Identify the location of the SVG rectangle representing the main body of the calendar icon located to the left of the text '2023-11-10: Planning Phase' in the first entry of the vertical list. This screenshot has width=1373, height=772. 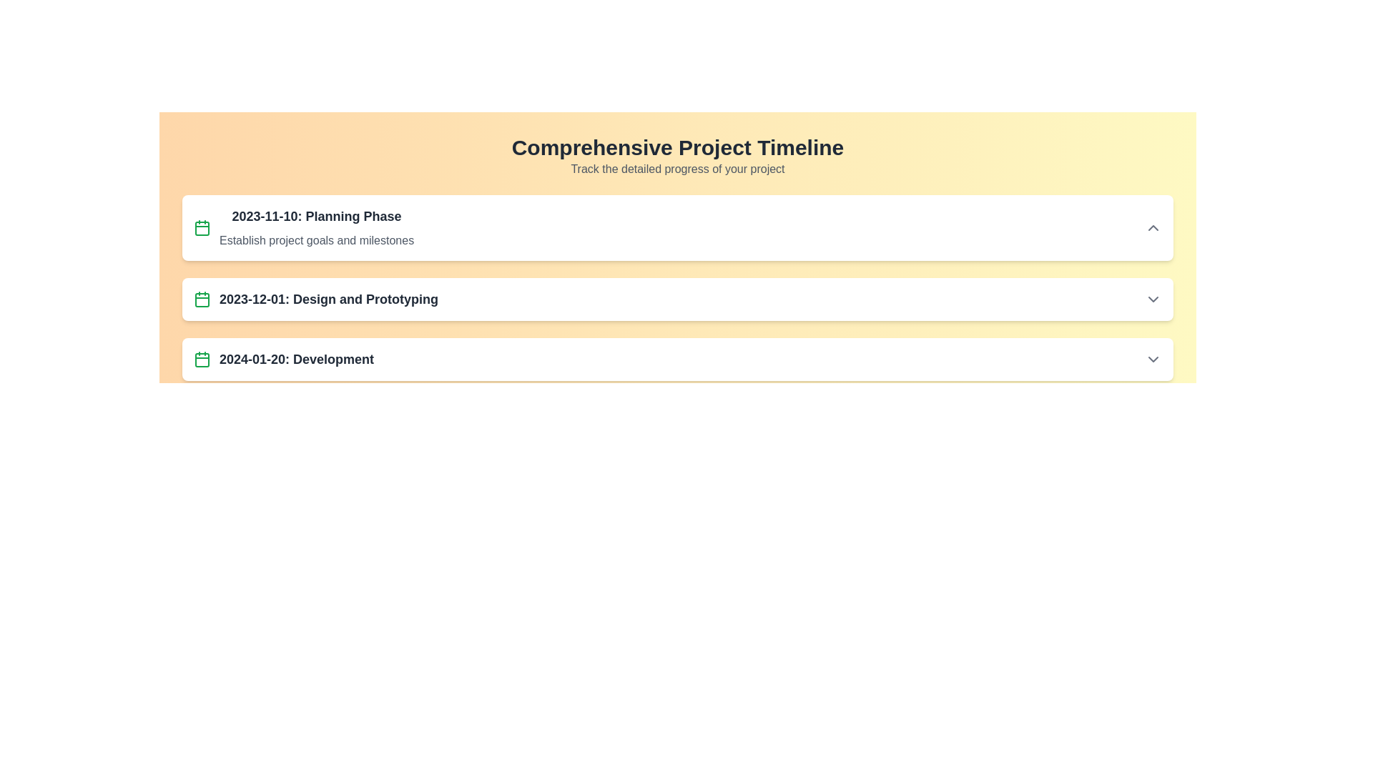
(202, 228).